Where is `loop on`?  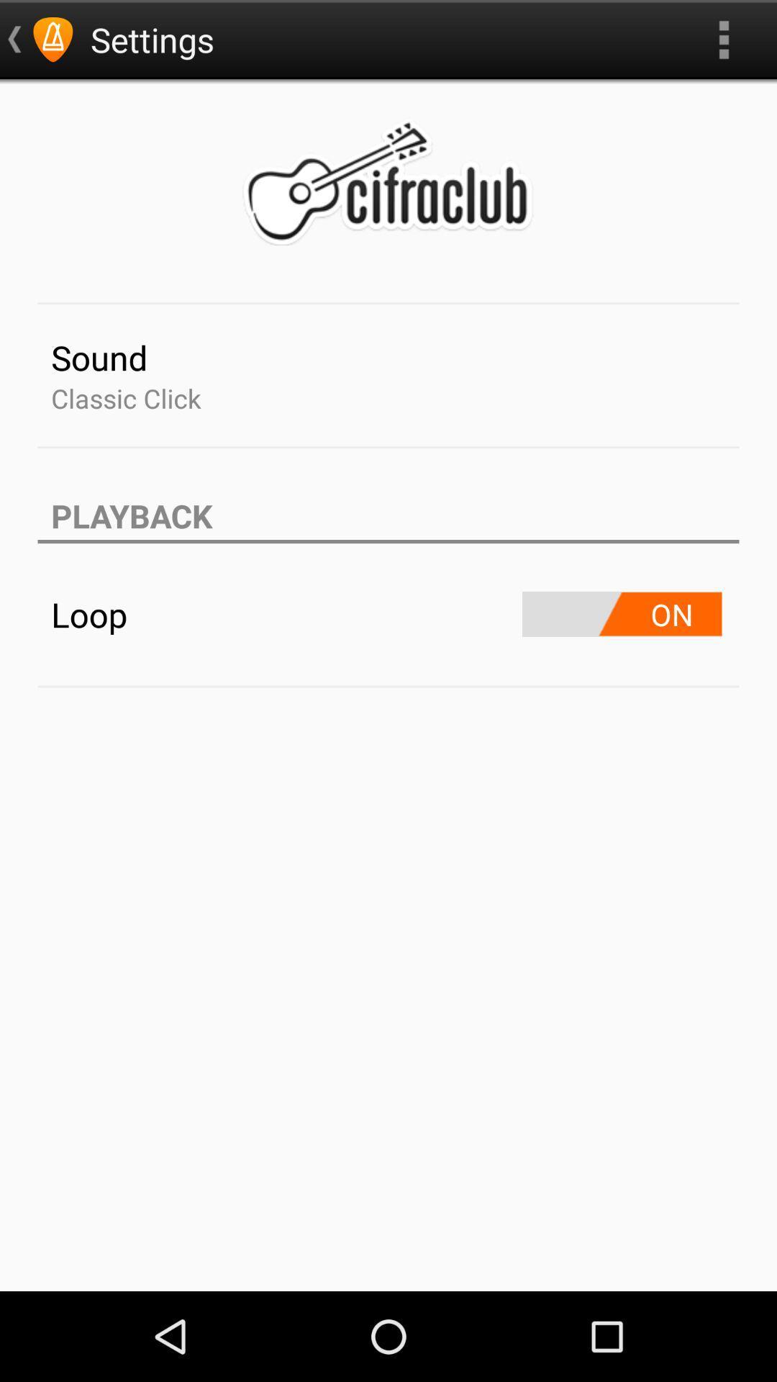 loop on is located at coordinates (621, 614).